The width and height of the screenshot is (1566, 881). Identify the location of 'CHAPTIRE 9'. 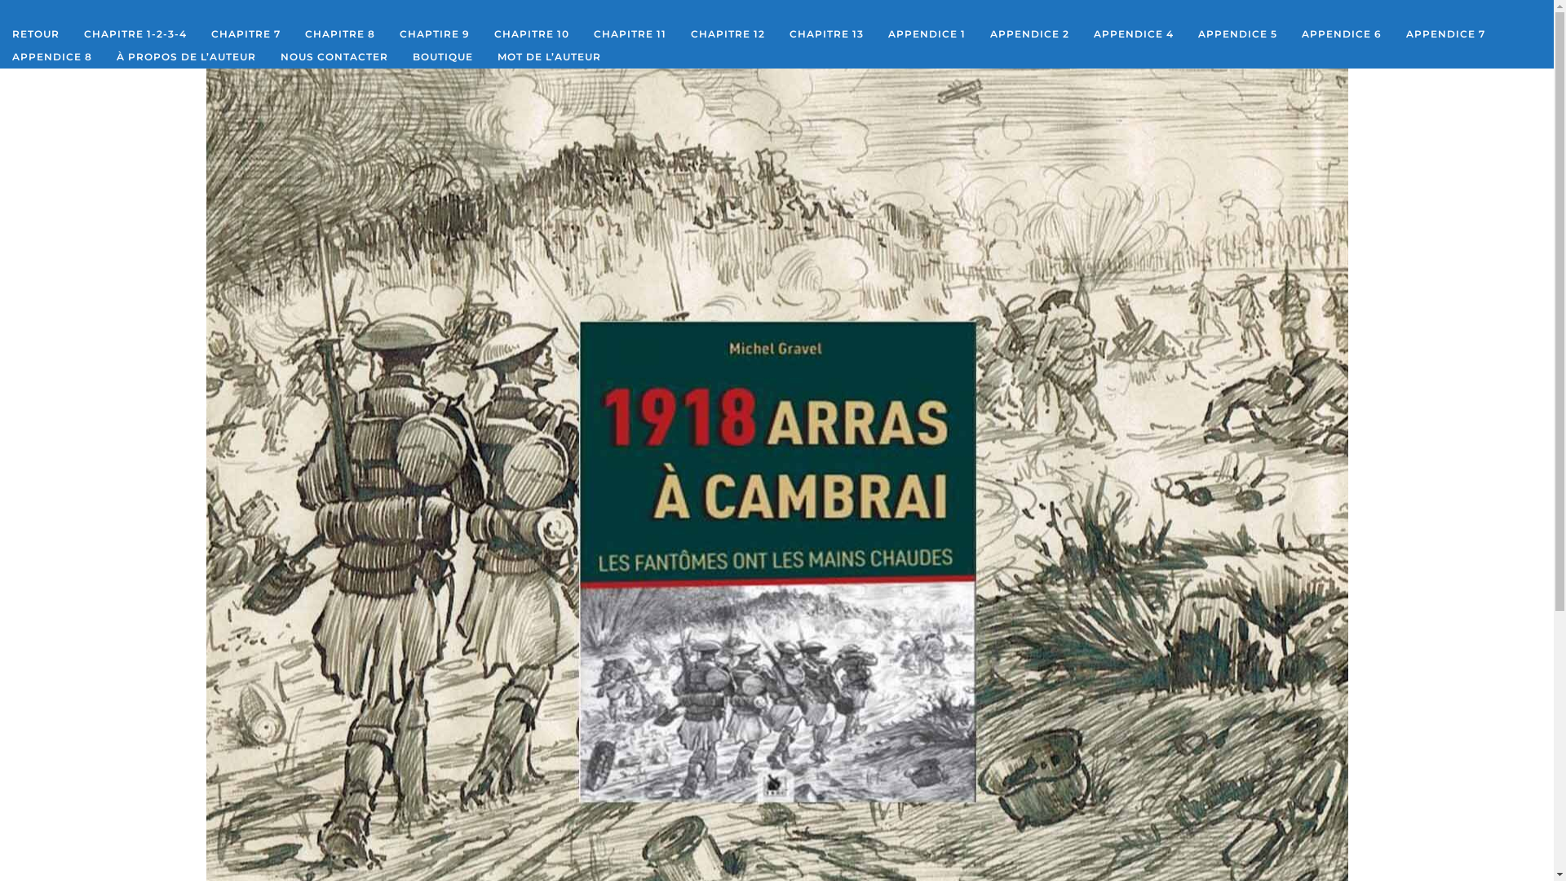
(434, 34).